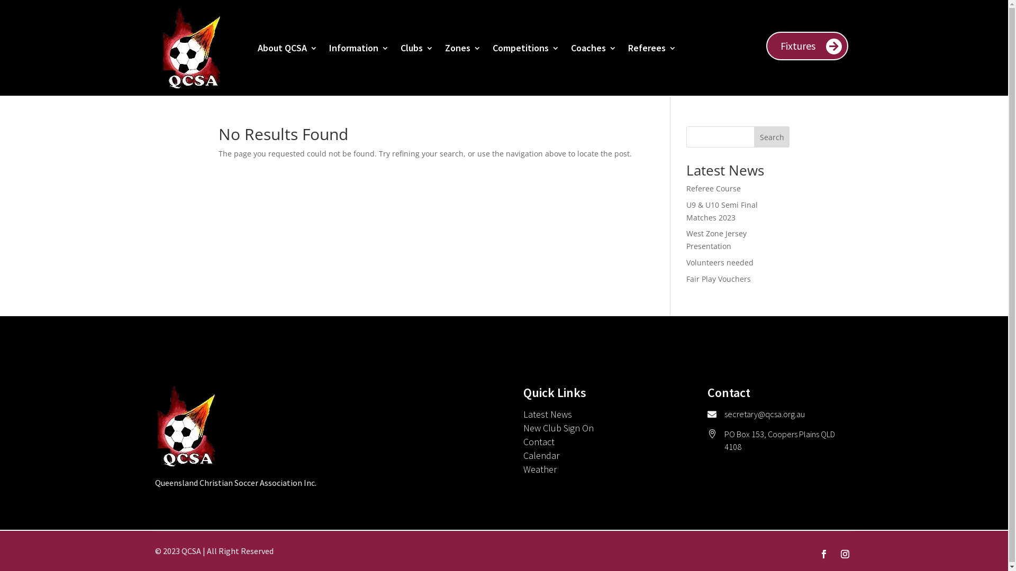  I want to click on 'West Zone Jersey Presentation', so click(716, 240).